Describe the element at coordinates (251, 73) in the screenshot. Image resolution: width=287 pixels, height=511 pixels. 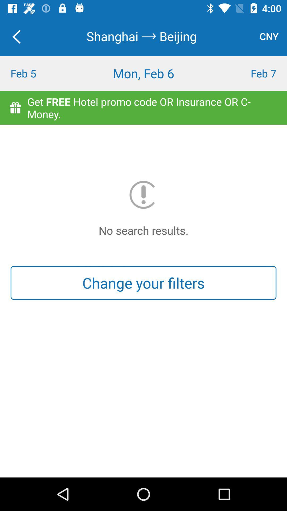
I see `feb 7 button which is at right side of the page` at that location.